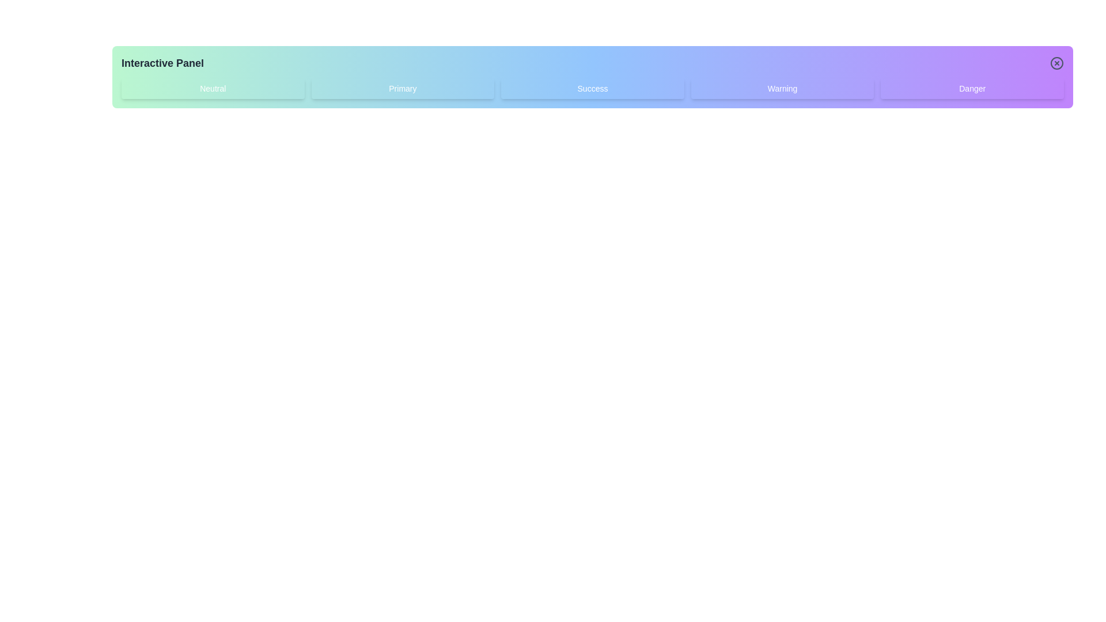  What do you see at coordinates (213, 88) in the screenshot?
I see `the 'Neutral' button with light gray background and white text` at bounding box center [213, 88].